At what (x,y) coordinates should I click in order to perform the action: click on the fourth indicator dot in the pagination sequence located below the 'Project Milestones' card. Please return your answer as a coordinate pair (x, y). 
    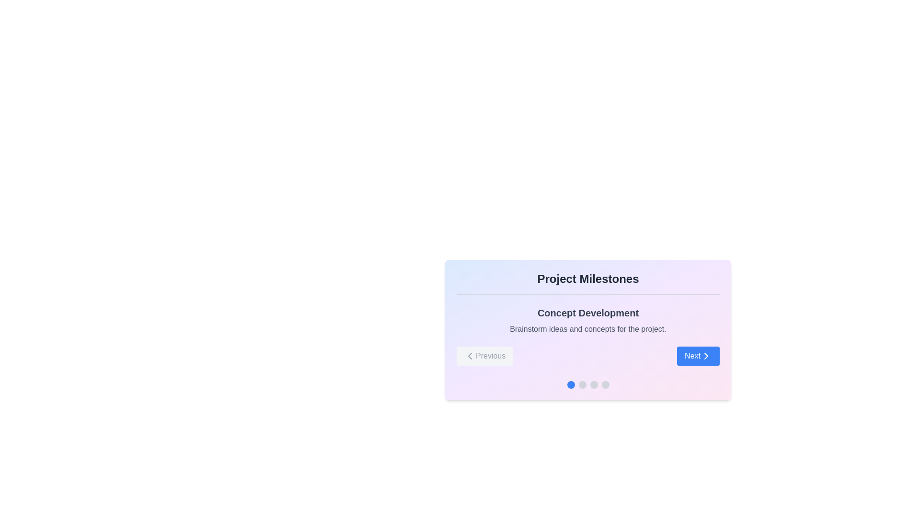
    Looking at the image, I should click on (605, 384).